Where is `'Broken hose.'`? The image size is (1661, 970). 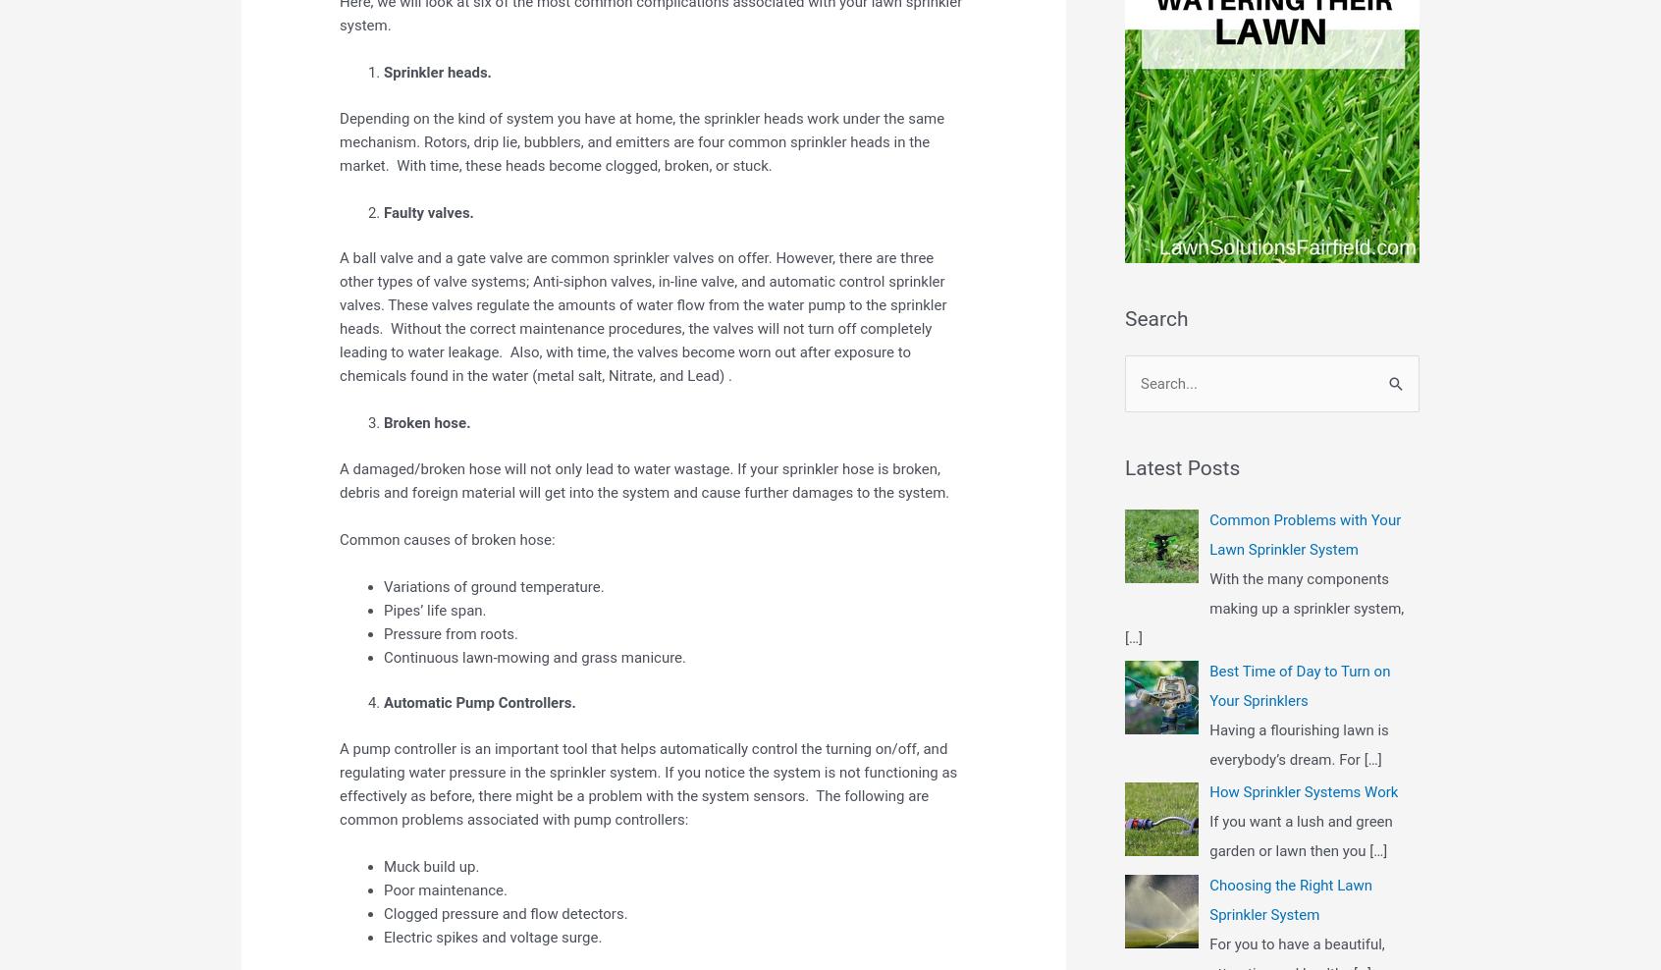
'Broken hose.' is located at coordinates (426, 421).